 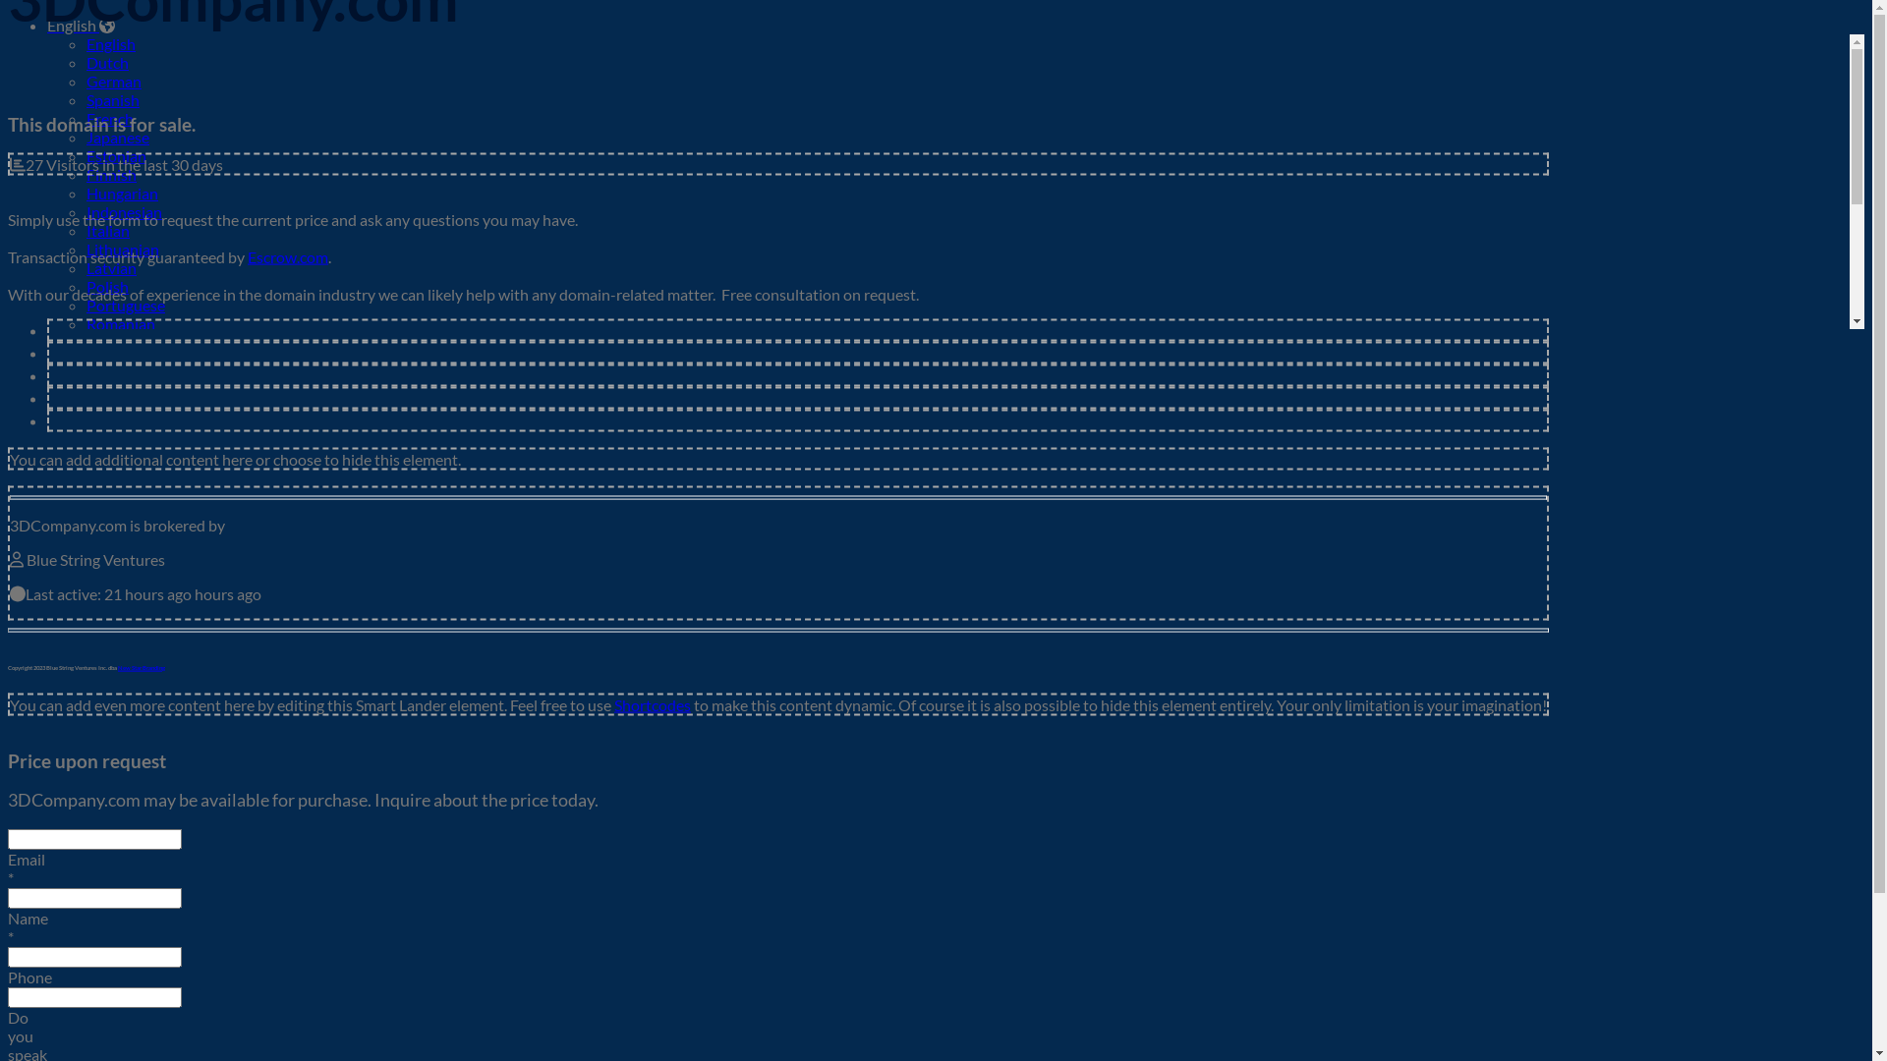 I want to click on 'Ukrainian', so click(x=118, y=434).